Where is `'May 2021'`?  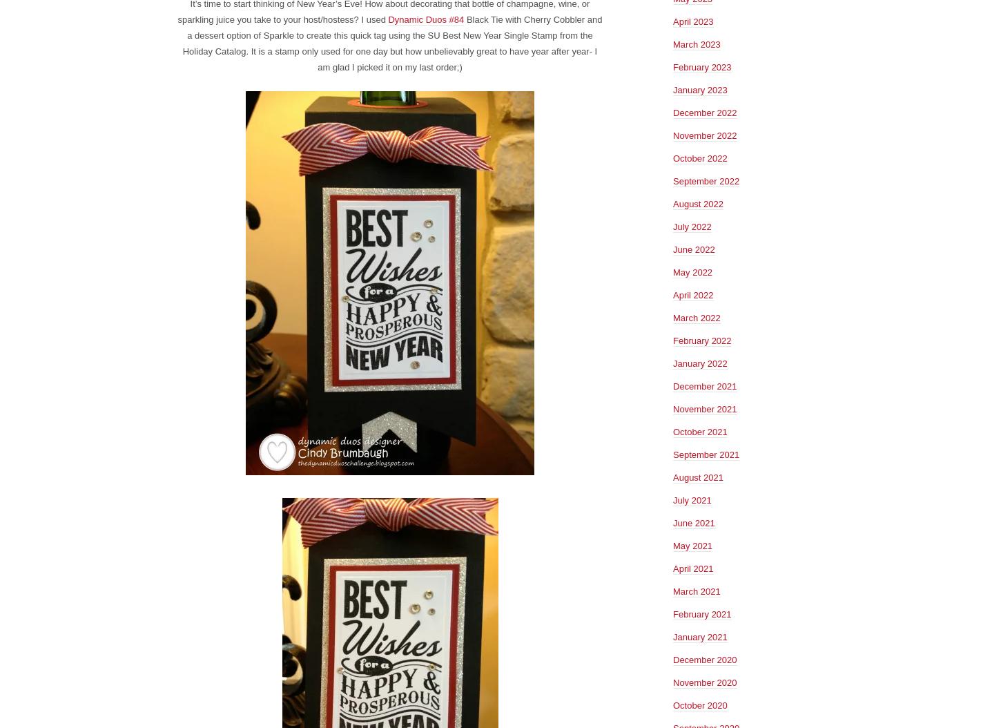 'May 2021' is located at coordinates (672, 545).